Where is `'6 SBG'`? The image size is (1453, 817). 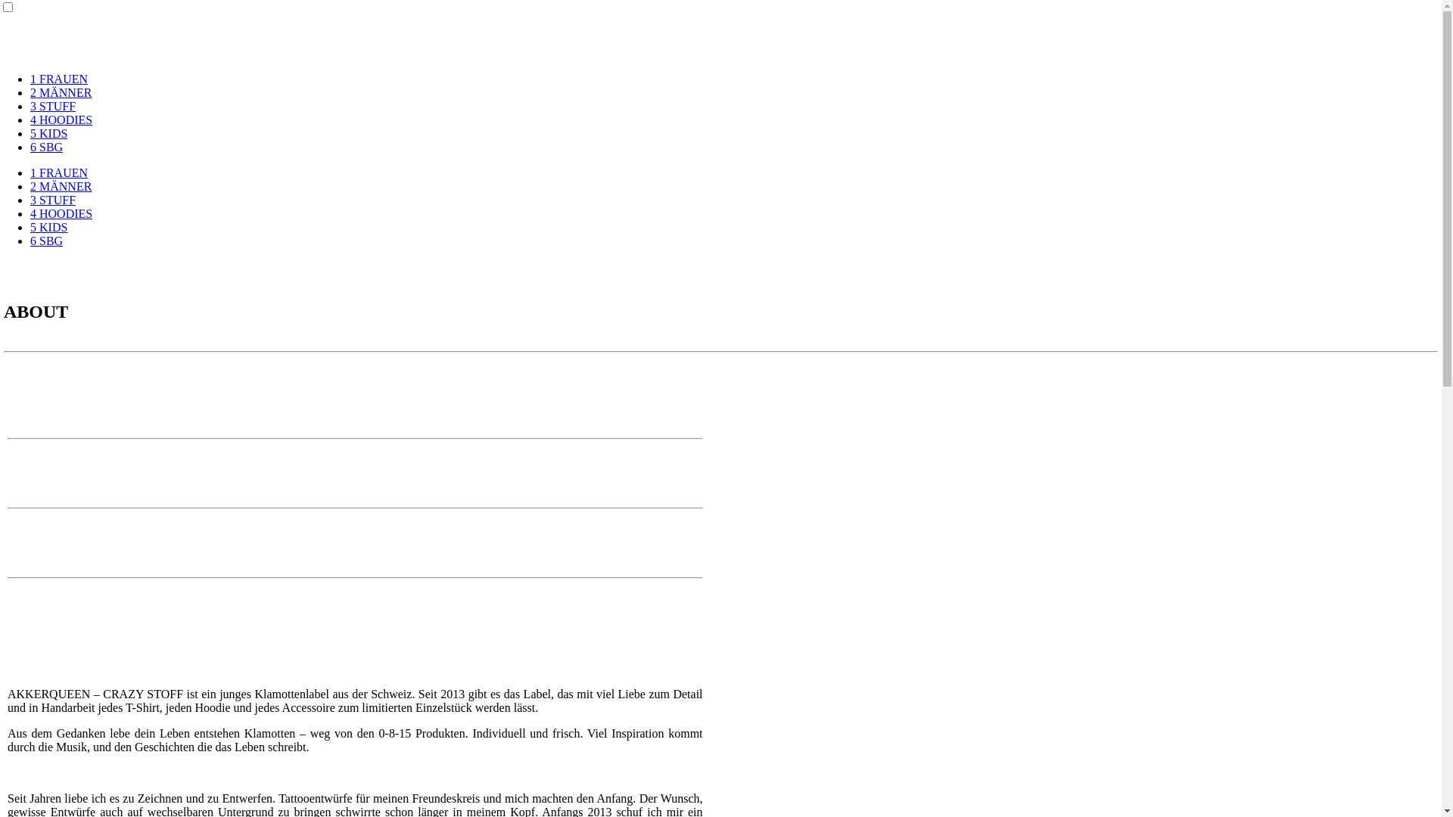
'6 SBG' is located at coordinates (30, 147).